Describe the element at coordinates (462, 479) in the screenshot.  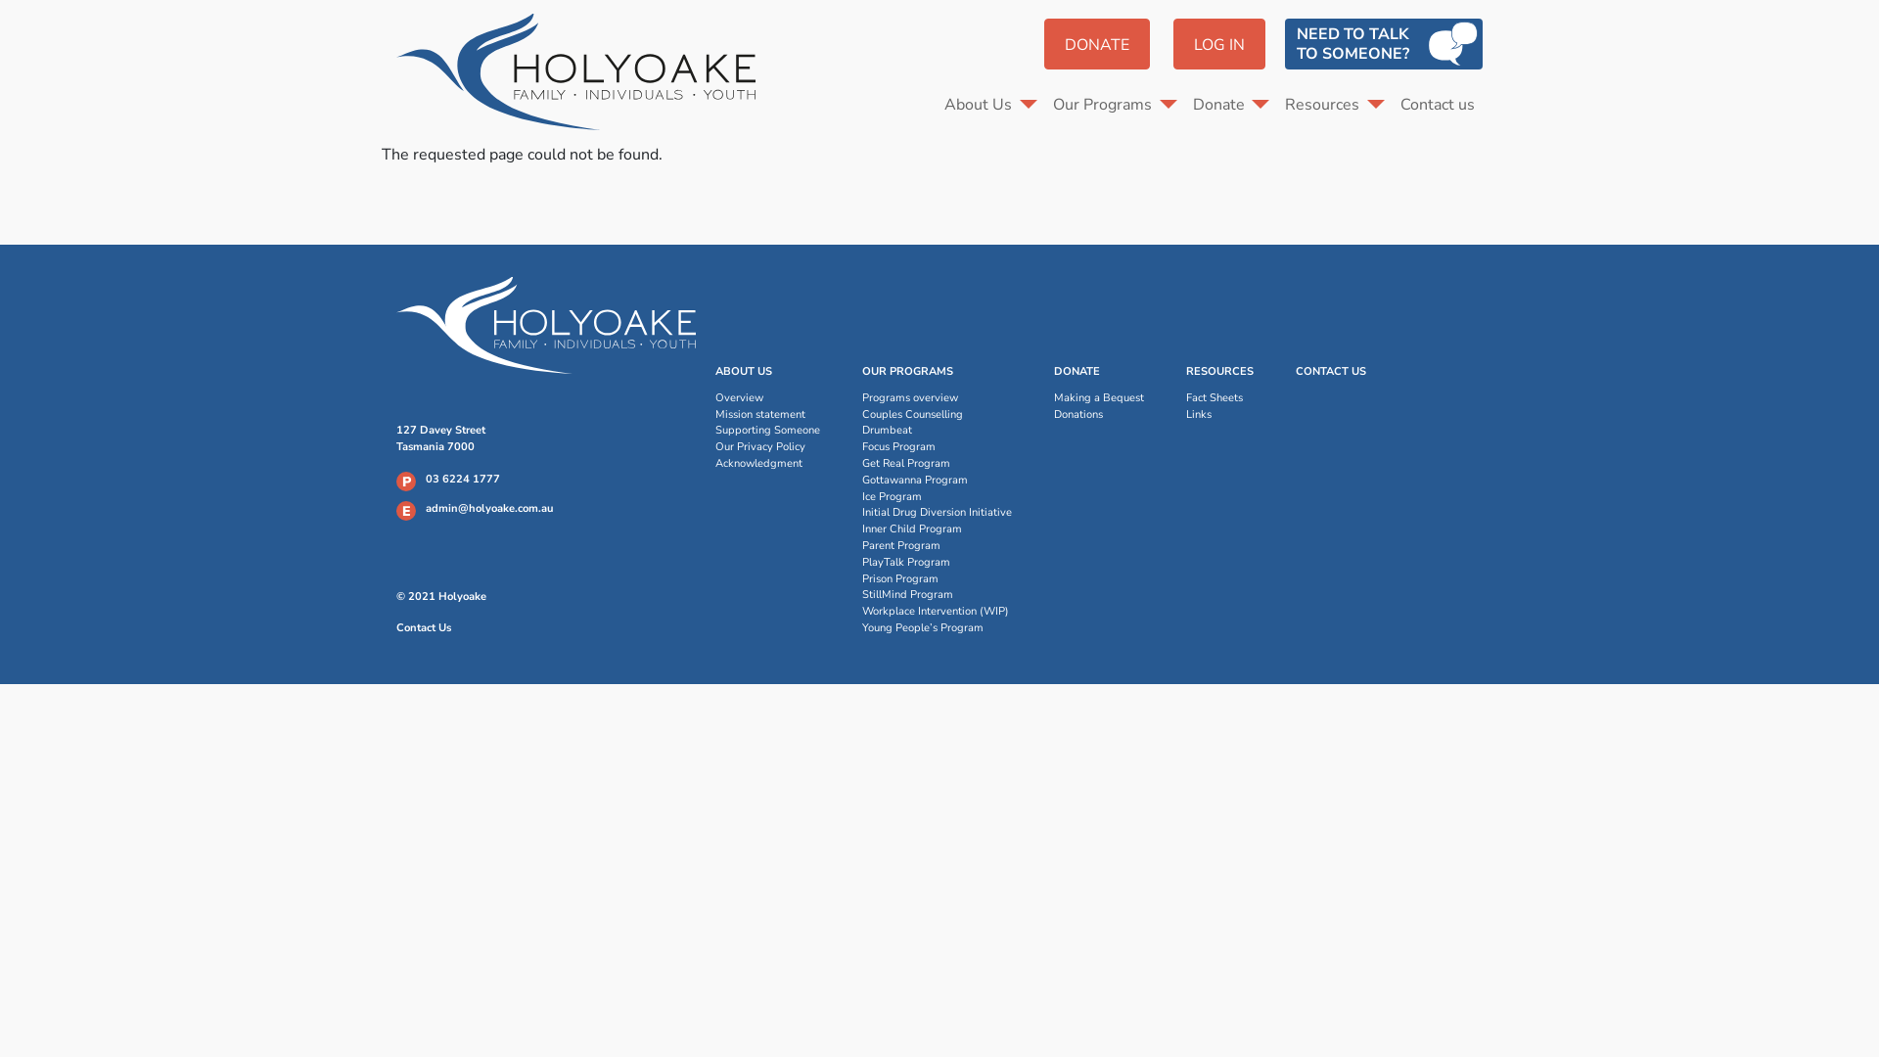
I see `'03 6224 1777'` at that location.